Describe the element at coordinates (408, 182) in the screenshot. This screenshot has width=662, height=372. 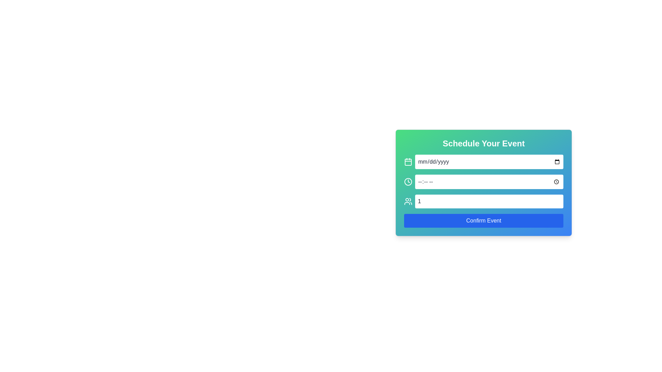
I see `the clock icon located to the left of the time input box` at that location.